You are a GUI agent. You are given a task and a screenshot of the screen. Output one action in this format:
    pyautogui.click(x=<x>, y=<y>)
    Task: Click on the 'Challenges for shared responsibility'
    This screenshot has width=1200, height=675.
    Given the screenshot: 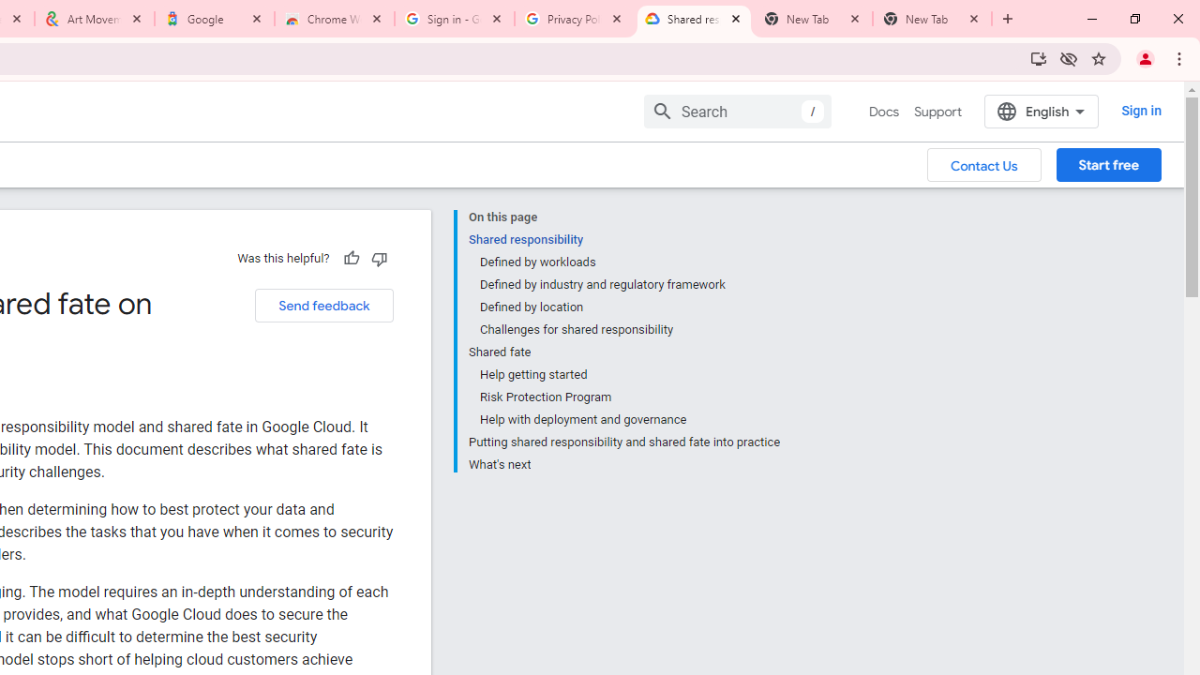 What is the action you would take?
    pyautogui.click(x=629, y=329)
    